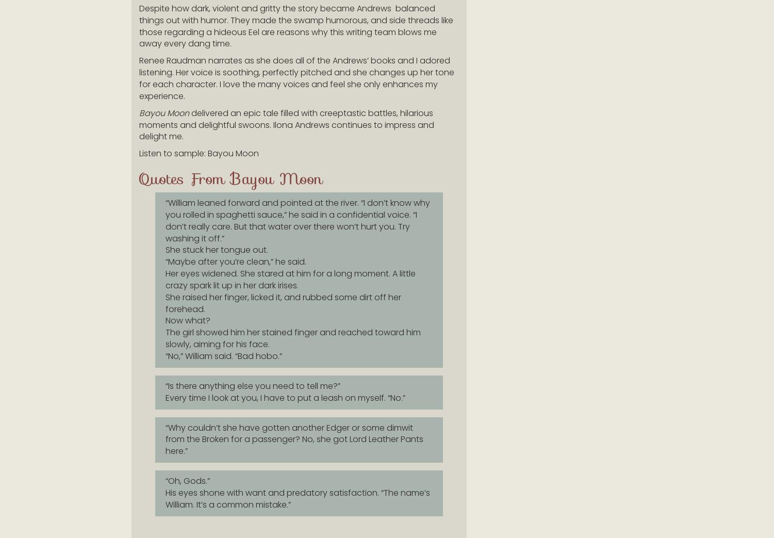 This screenshot has width=774, height=538. I want to click on '“Oh, Gods.”', so click(187, 480).